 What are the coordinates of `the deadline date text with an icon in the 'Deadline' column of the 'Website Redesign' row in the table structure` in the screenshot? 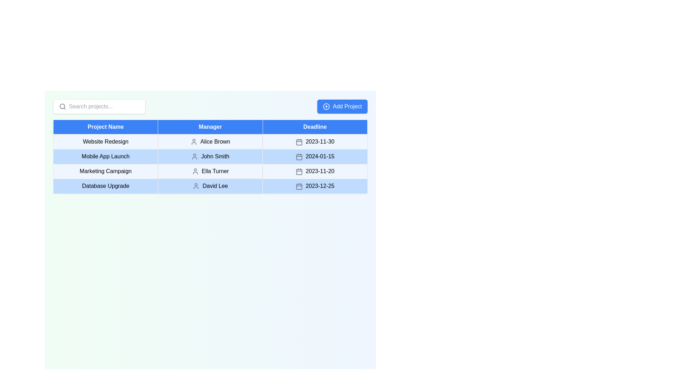 It's located at (314, 141).